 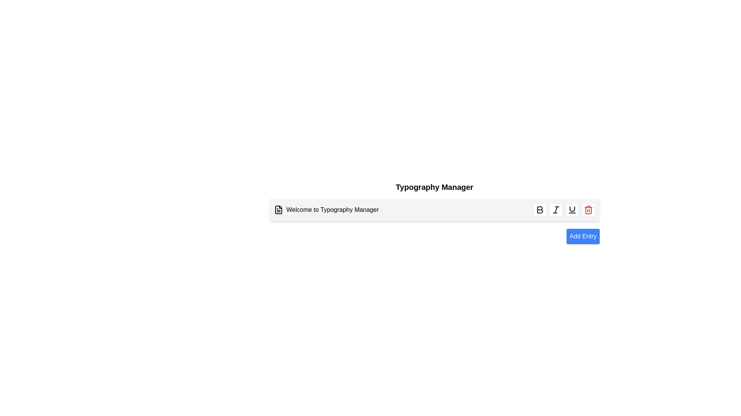 What do you see at coordinates (278, 210) in the screenshot?
I see `the decorative icon located near the top-left corner of the list entry, adjacent to the text 'Welcome to Typography Manager'` at bounding box center [278, 210].